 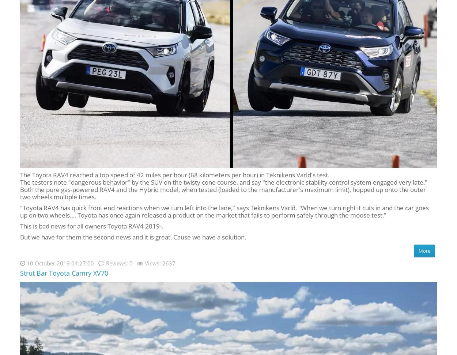 I want to click on 'The Toyota RAV4 reached a top speed of 42 miles per hour (68 kilometers per hour) in Teknikens Varld's test.', so click(x=174, y=174).